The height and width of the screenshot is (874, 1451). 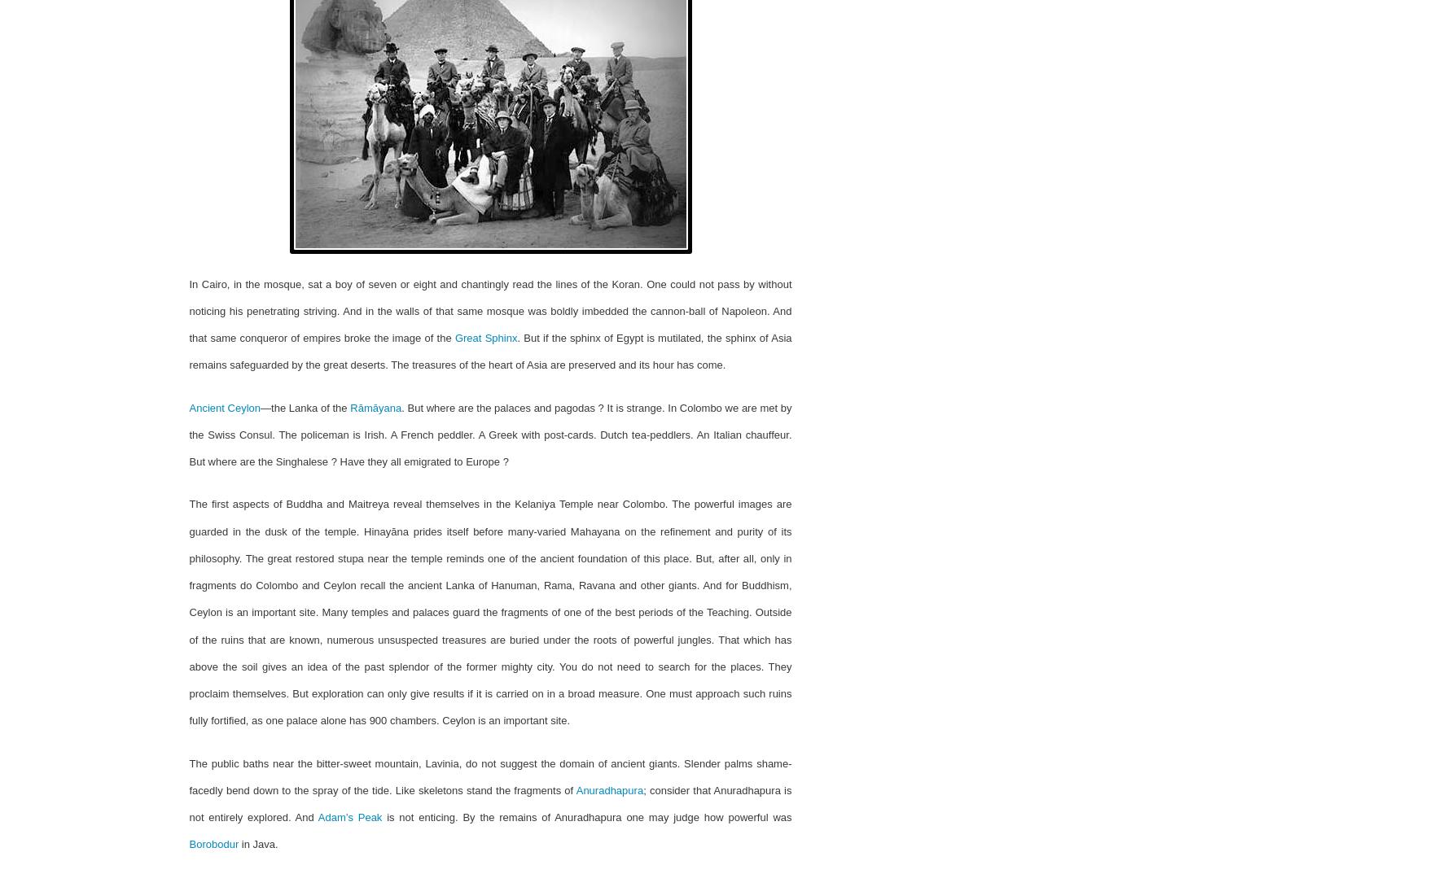 I want to click on 'The first aspects of Buddha and Maitreya reveal themselves in the Kelaniya Temple near Colombo. The powerful images are guarded in the dusk of the temple. Hinayāna prides itself before many-varied Mahayana on the refinement and purity of its philosophy. The great restored stupa near the temple re­minds one of the ancient foundation of this place. But, after all, only in fragments do Colombo and Ceylon recall the ancient Lanka of Hanuman, Rama, Ravana and other giants. And for Buddhism, Ceylon is an important site. Many temples and palaces guard the fragments of one of the best periods of the Teaching. Outside of the ruins that are known, numerous unsuspected treasures are buried under the roots of powerful jungles. That which has above the soil gives an idea of the past splendor of the former mighty city. You do not need to search for the places. They proclaim themselves. But exploration can only give results if it is carried on in a broad measure. One must approach such ruins fully fortified, as one palace alone has 900 chambers. Ceylon is an important site.', so click(x=489, y=611).